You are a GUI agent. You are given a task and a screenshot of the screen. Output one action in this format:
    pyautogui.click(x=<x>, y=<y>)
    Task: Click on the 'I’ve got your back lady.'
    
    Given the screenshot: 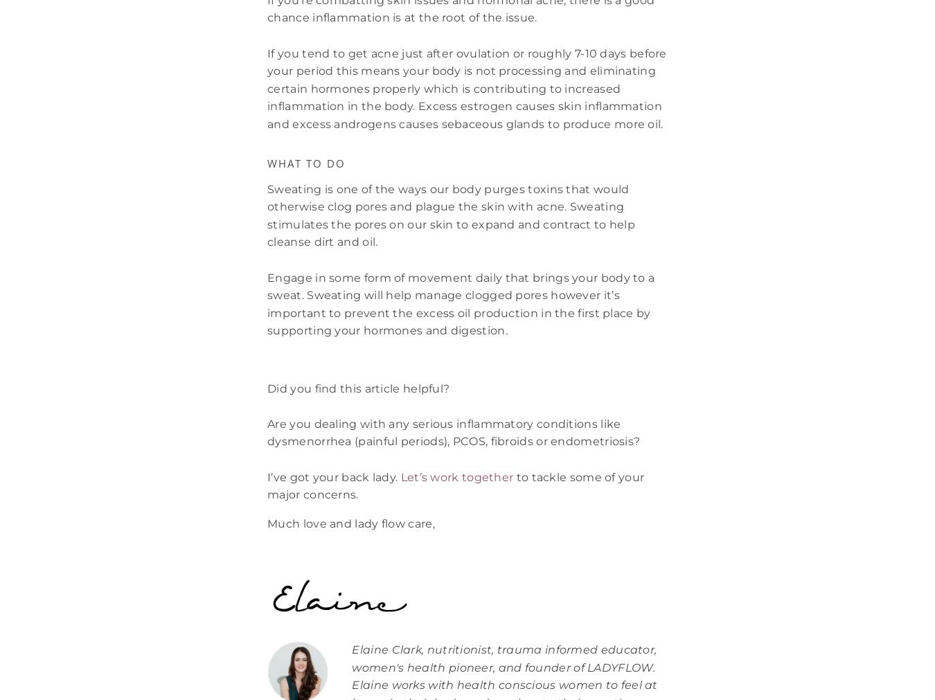 What is the action you would take?
    pyautogui.click(x=332, y=476)
    